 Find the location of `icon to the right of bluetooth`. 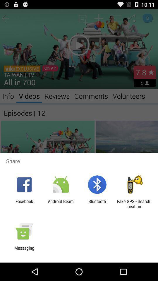

icon to the right of bluetooth is located at coordinates (133, 204).